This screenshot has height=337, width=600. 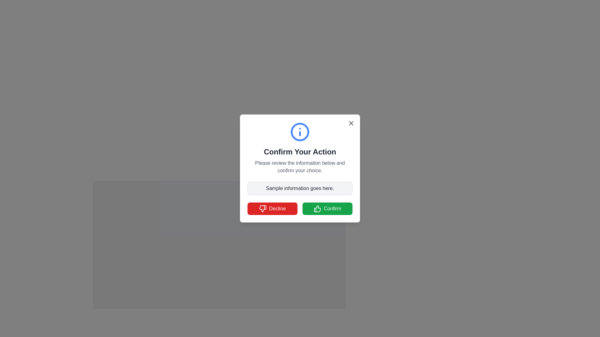 I want to click on the circular blue icon with an 'i' symbol, which is located at the top center of the confirmation dialog box, above the header text 'Confirm Your Action', so click(x=300, y=132).